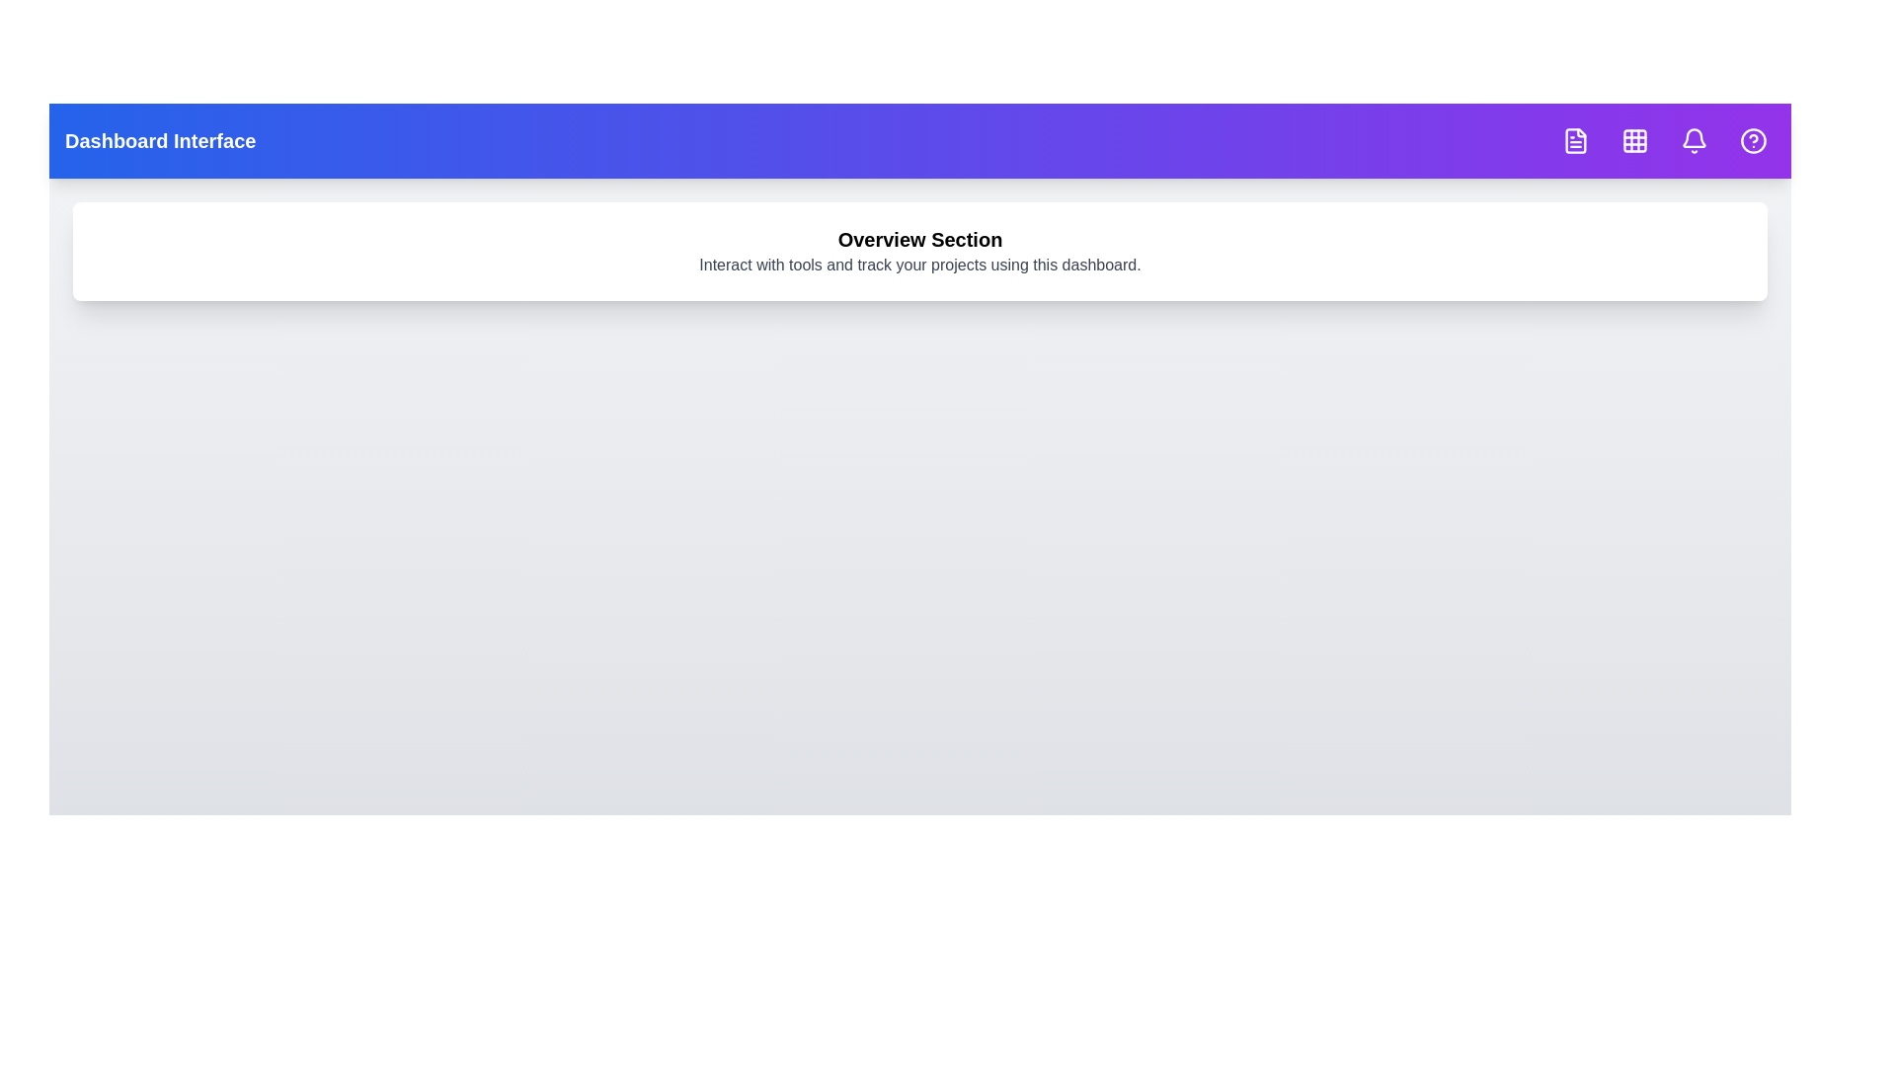 This screenshot has height=1066, width=1896. Describe the element at coordinates (1754, 139) in the screenshot. I see `the navigation button corresponding to HelpCircle` at that location.